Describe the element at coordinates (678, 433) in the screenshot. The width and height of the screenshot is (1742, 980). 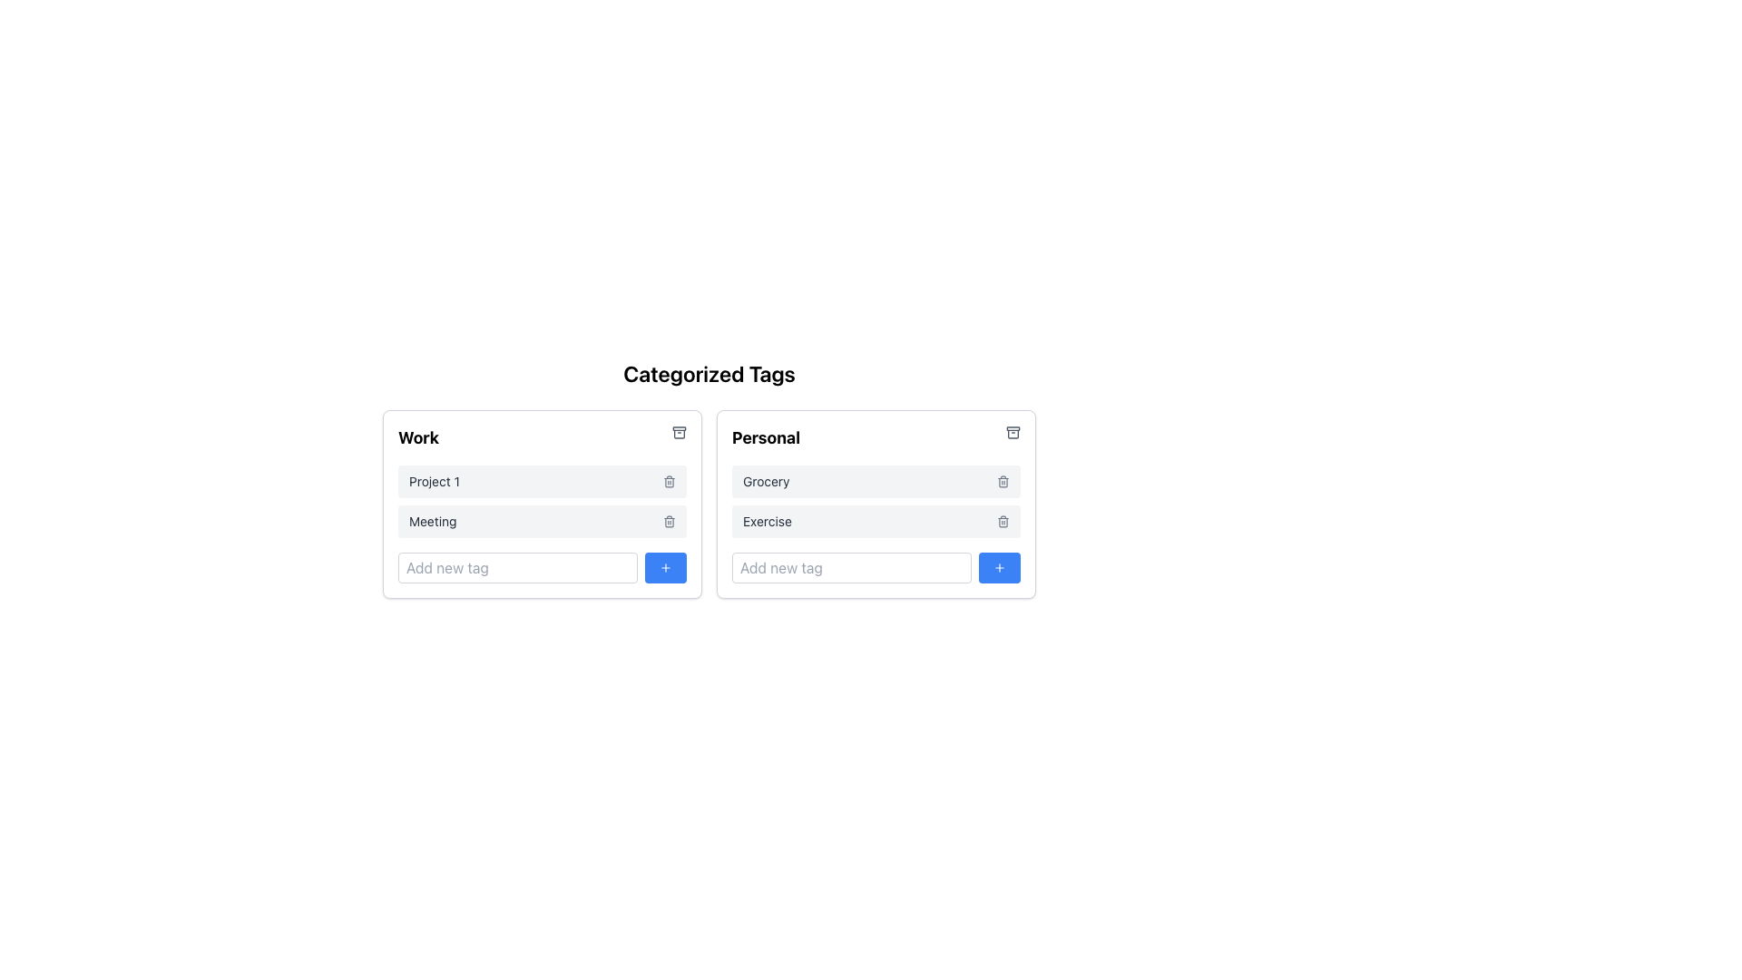
I see `the Icon button located in the top-right corner of the 'Work' section` at that location.